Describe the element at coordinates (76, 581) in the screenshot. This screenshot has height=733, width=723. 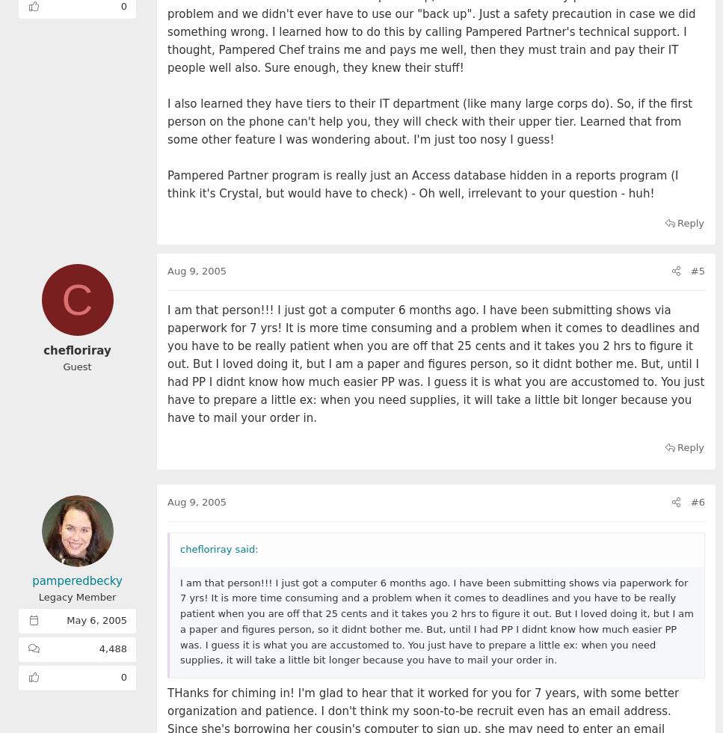
I see `'pamperedbecky'` at that location.